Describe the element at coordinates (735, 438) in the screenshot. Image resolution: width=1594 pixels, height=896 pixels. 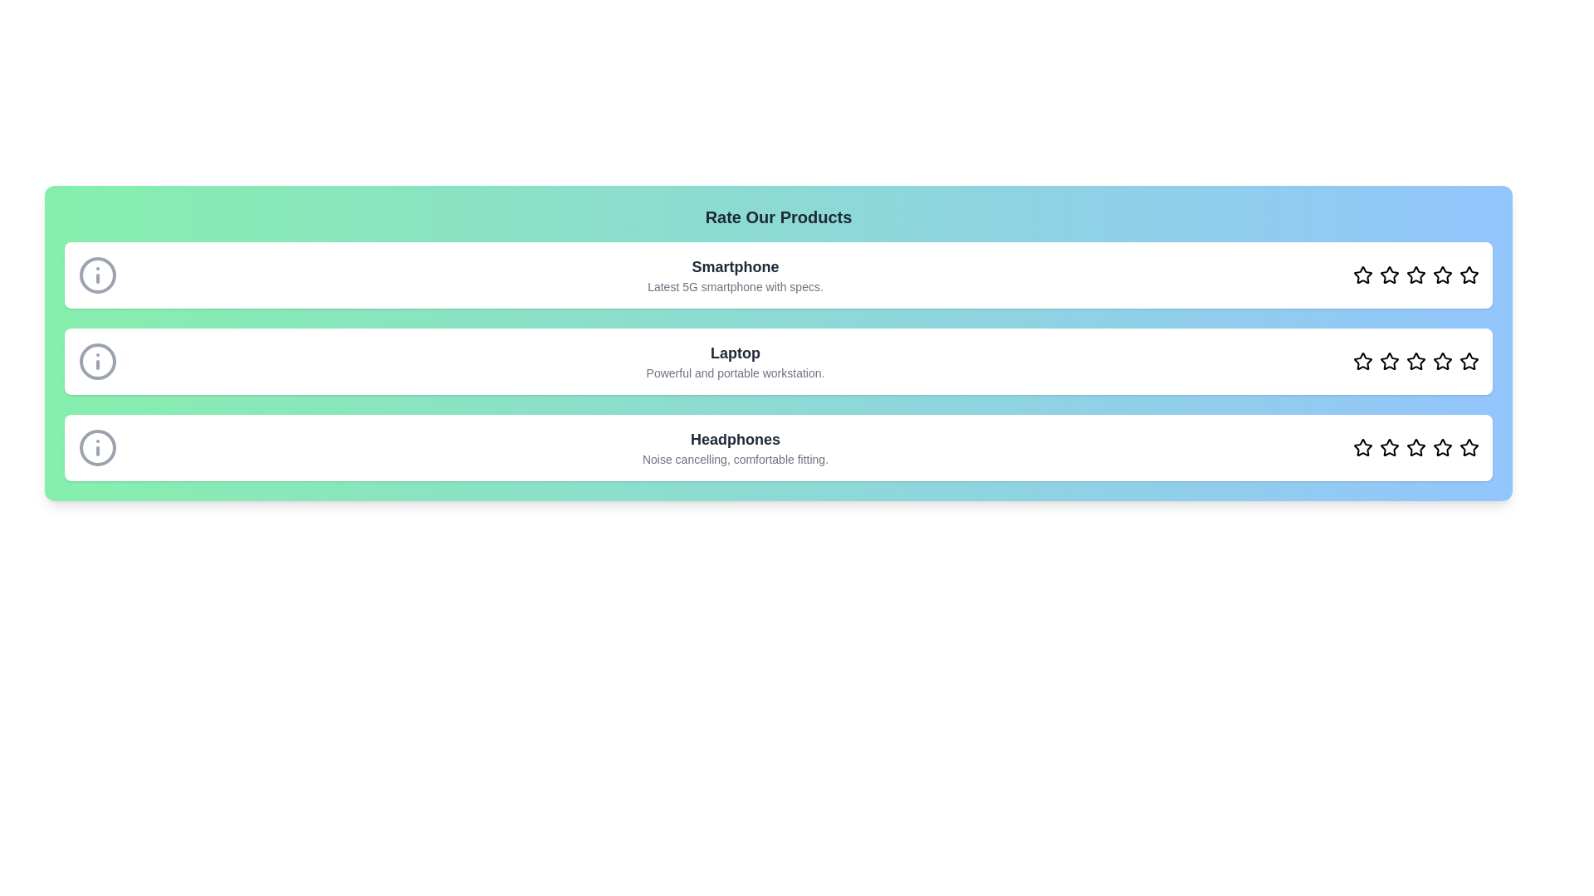
I see `the 'Headphones' text label, which is styled in bold and larger font, positioned prominently above the descriptive text in the third row of the layout` at that location.